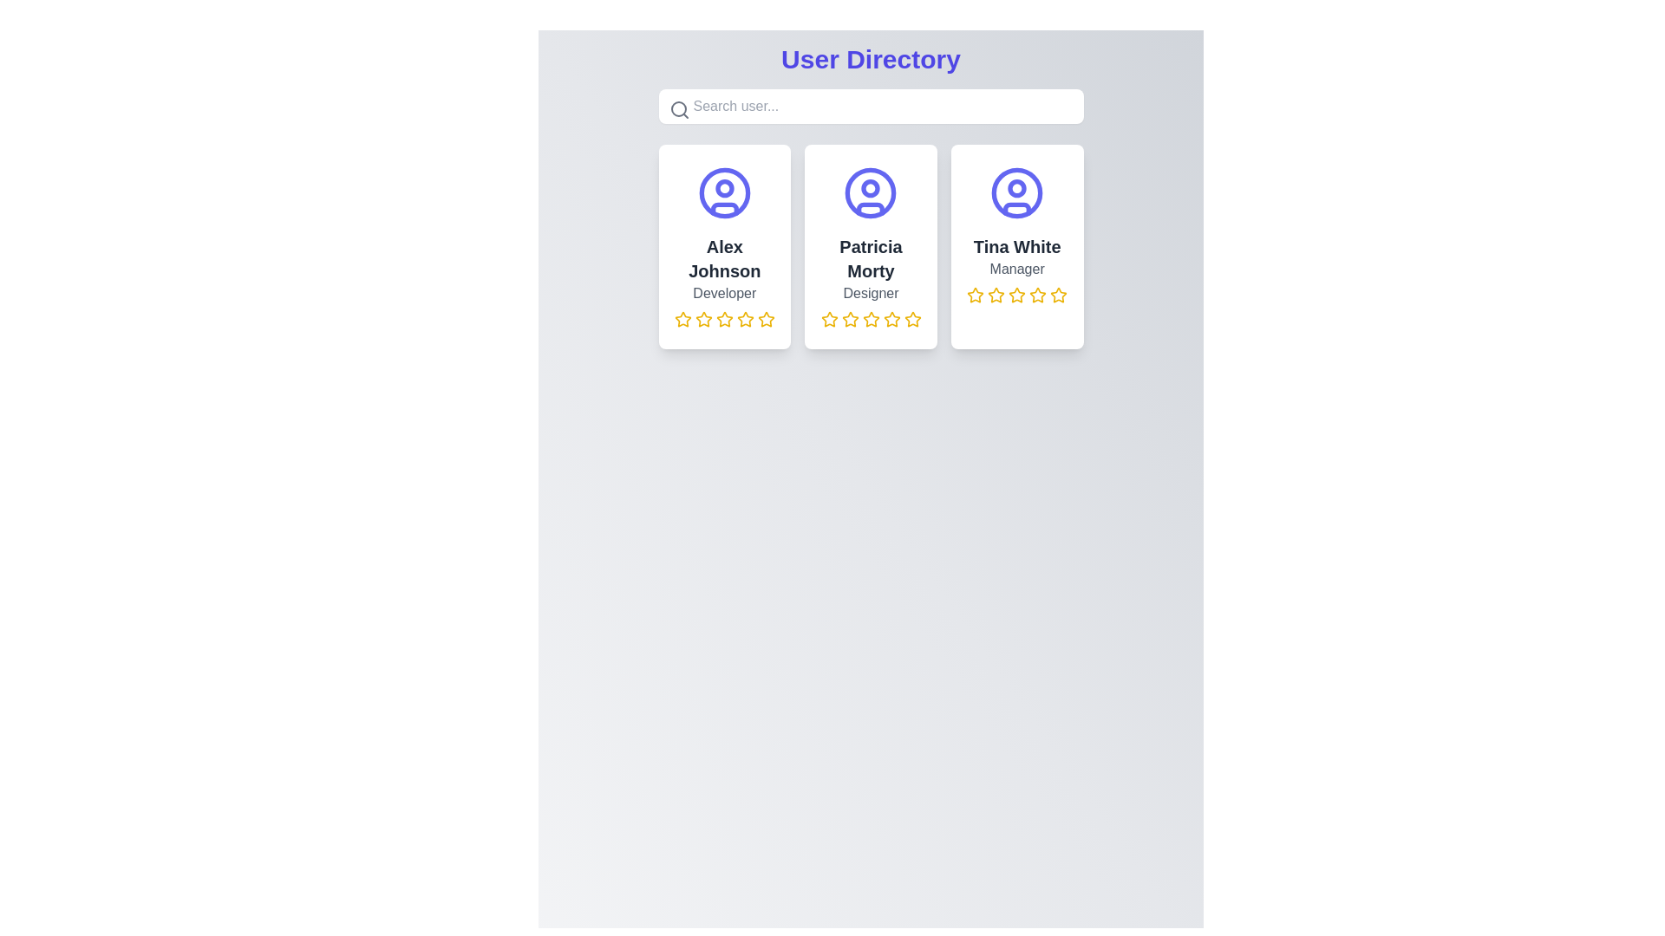  What do you see at coordinates (871, 293) in the screenshot?
I see `the text 'Designer' which is styled in gray and positioned below 'Patricia Morty' in the middle card of the layout` at bounding box center [871, 293].